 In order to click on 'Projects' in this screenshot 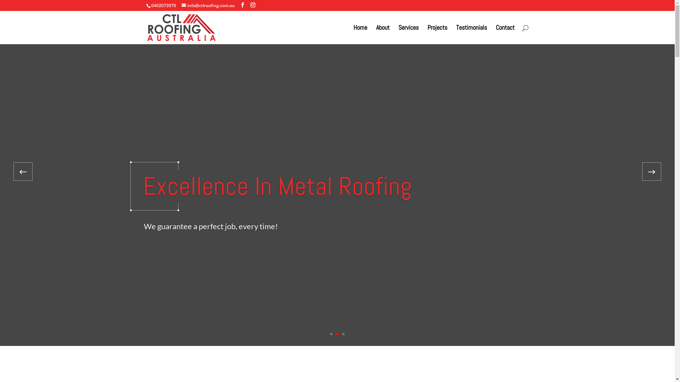, I will do `click(436, 34)`.